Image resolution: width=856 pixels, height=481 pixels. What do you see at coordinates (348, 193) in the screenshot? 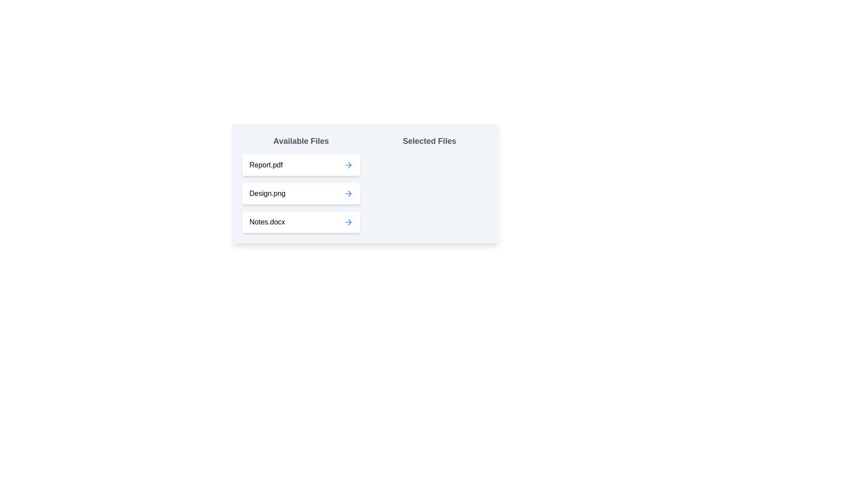
I see `the rightward arrow icon button next to 'Design.png' in the second row of the file list` at bounding box center [348, 193].